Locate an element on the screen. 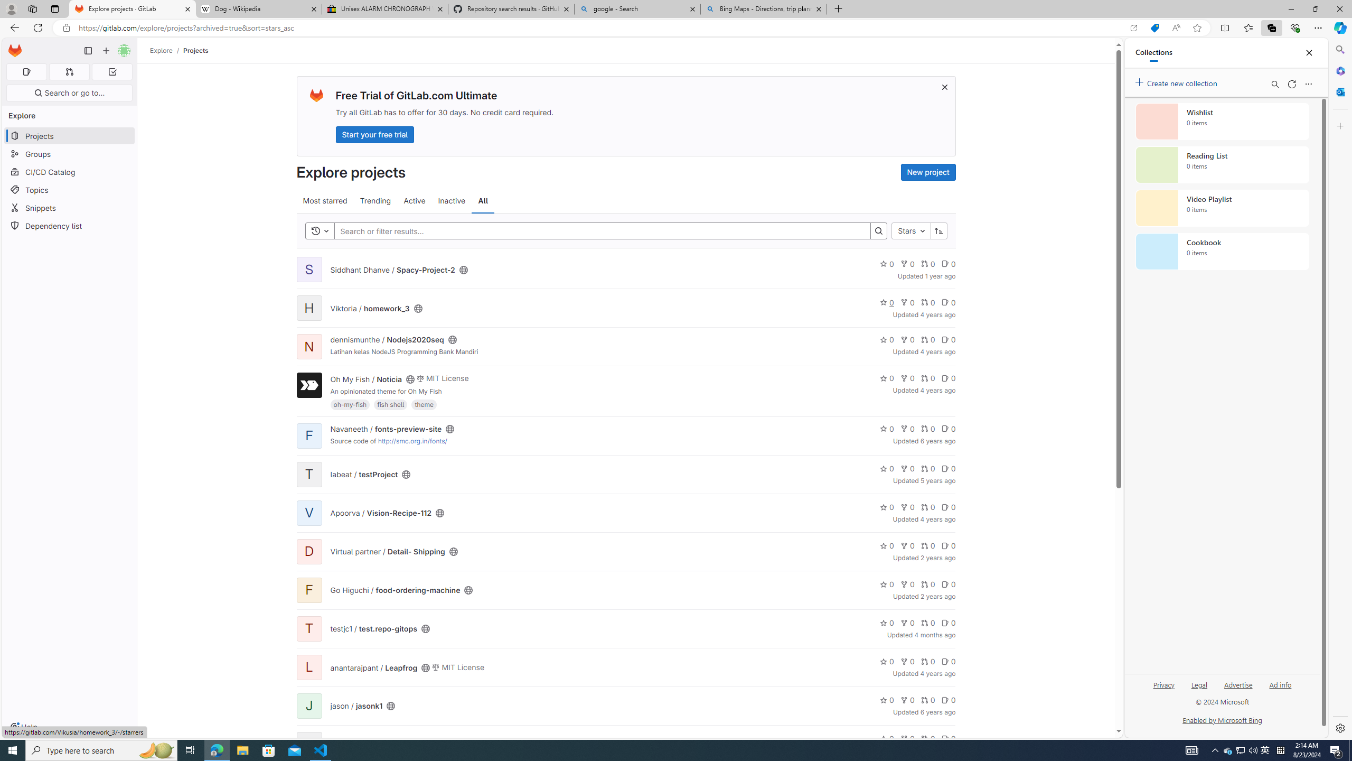 This screenshot has height=761, width=1352. 'Advertise' is located at coordinates (1237, 688).